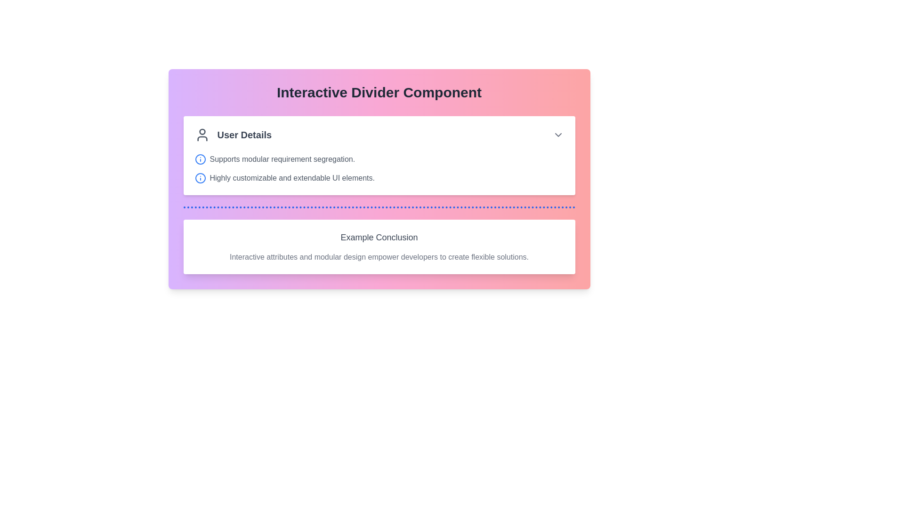 This screenshot has height=508, width=904. What do you see at coordinates (379, 168) in the screenshot?
I see `the descriptive information associated with the second descriptive text element located beneath the title 'User Details' in the main content area` at bounding box center [379, 168].